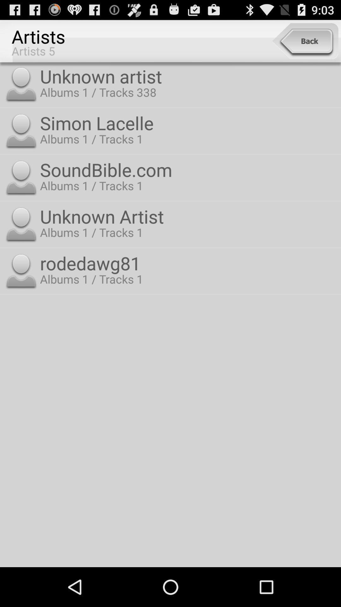 The height and width of the screenshot is (607, 341). Describe the element at coordinates (189, 123) in the screenshot. I see `the simon lacelle` at that location.